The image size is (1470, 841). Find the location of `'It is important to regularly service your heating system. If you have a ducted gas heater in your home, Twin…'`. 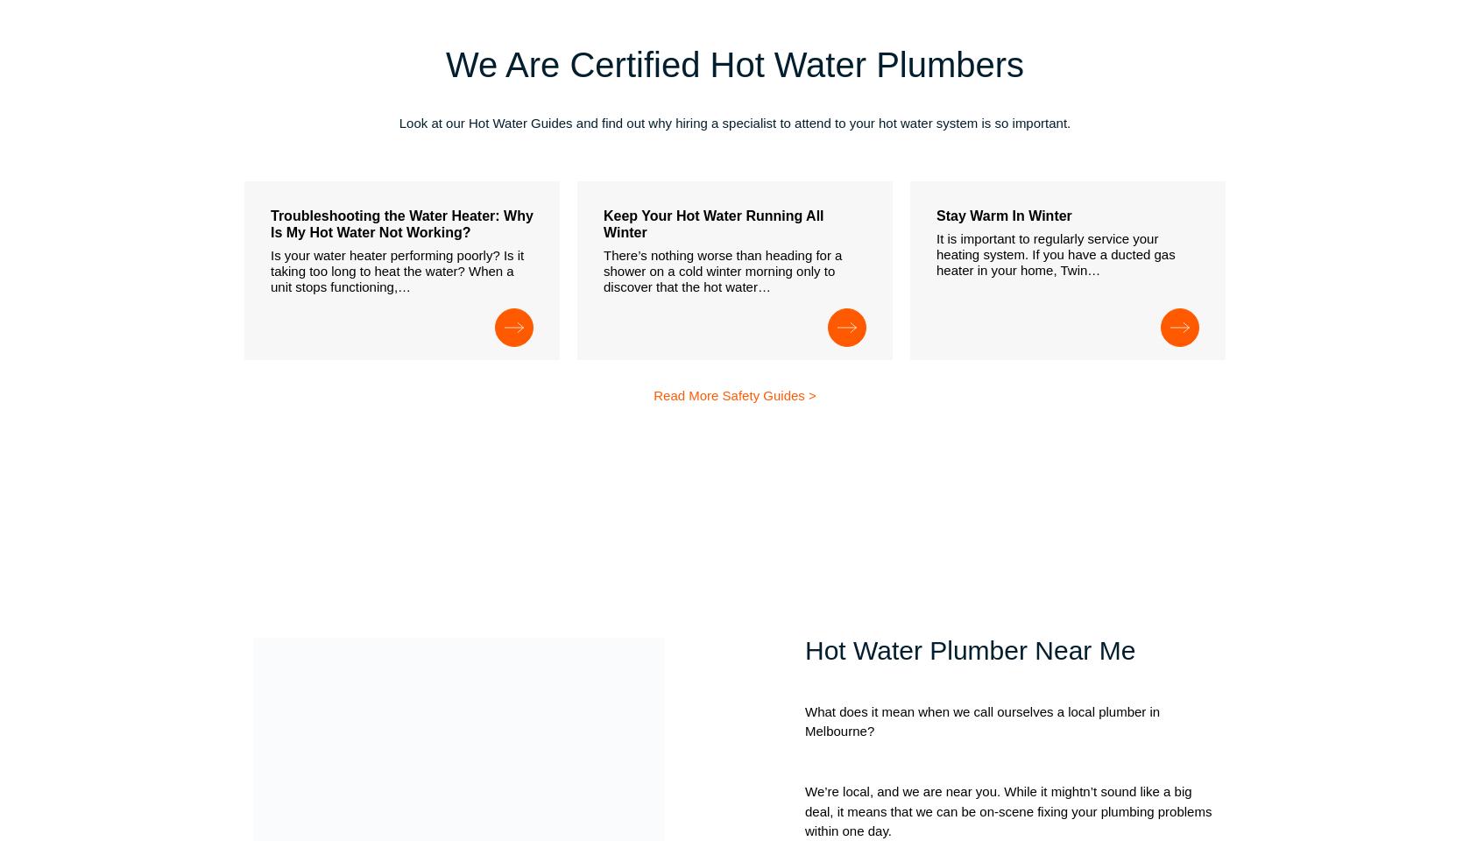

'It is important to regularly service your heating system. If you have a ducted gas heater in your home, Twin…' is located at coordinates (1055, 252).